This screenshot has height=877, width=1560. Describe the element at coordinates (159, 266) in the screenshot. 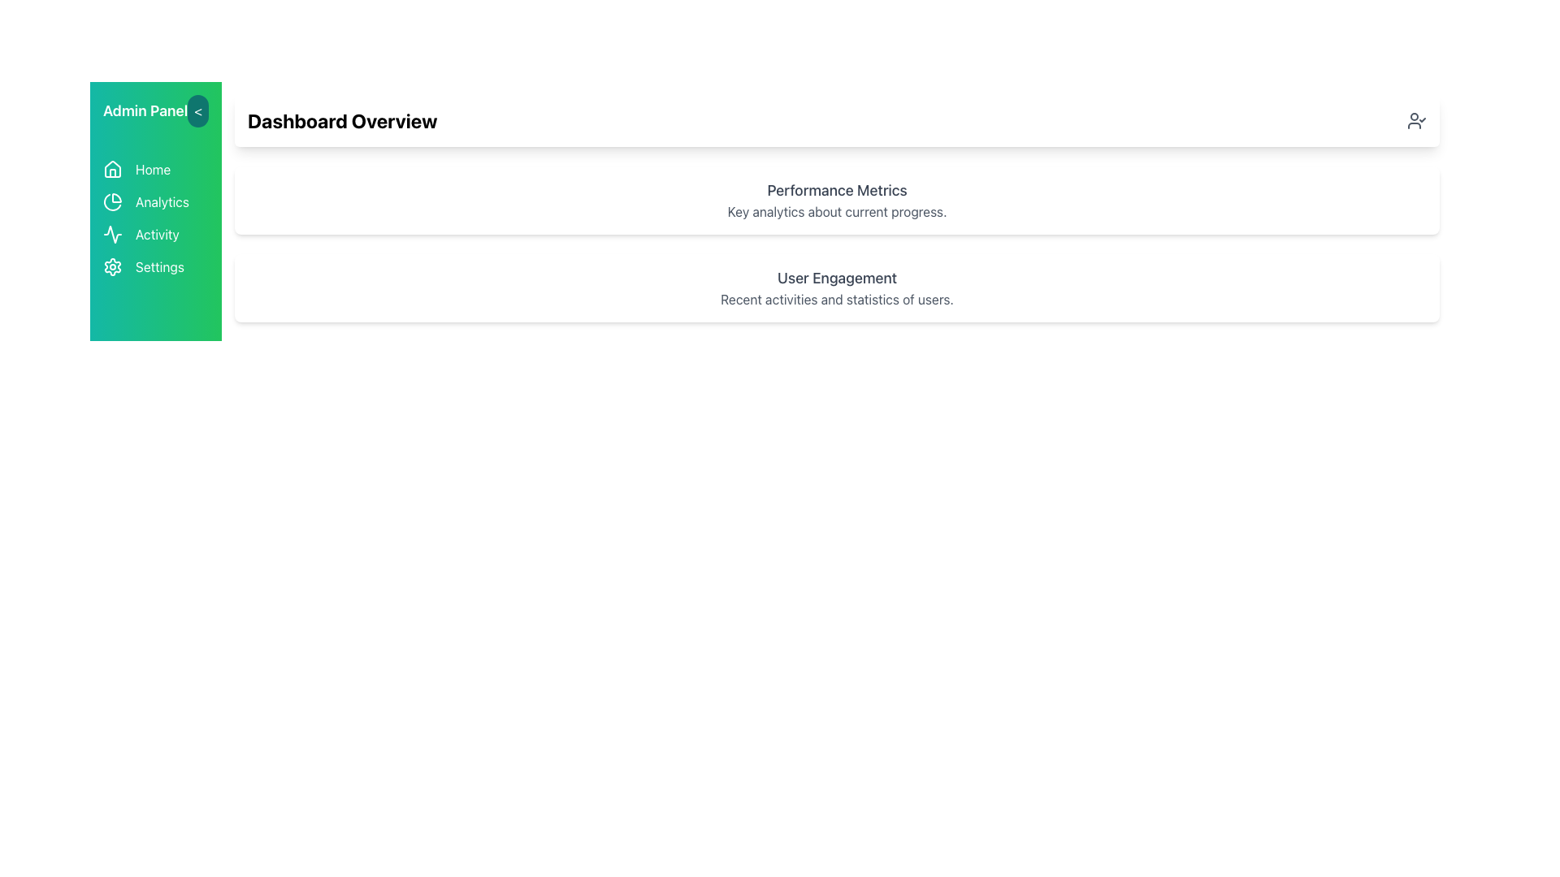

I see `the 'Settings' text label, which is the fourth item in the sidebar menu` at that location.